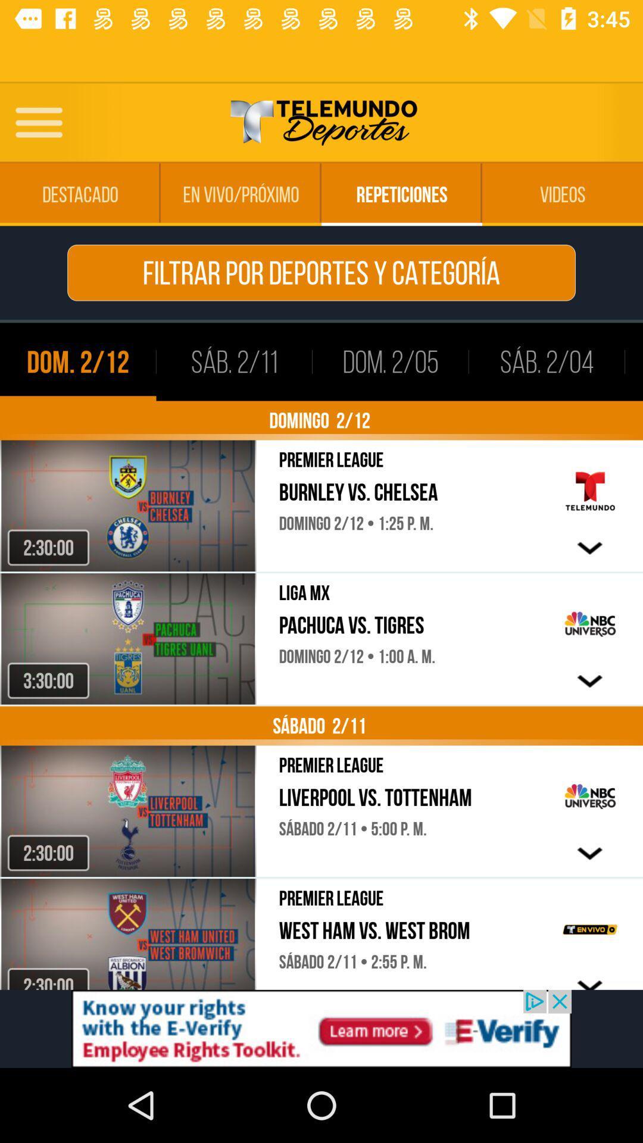  What do you see at coordinates (321, 1028) in the screenshot?
I see `advertisement` at bounding box center [321, 1028].